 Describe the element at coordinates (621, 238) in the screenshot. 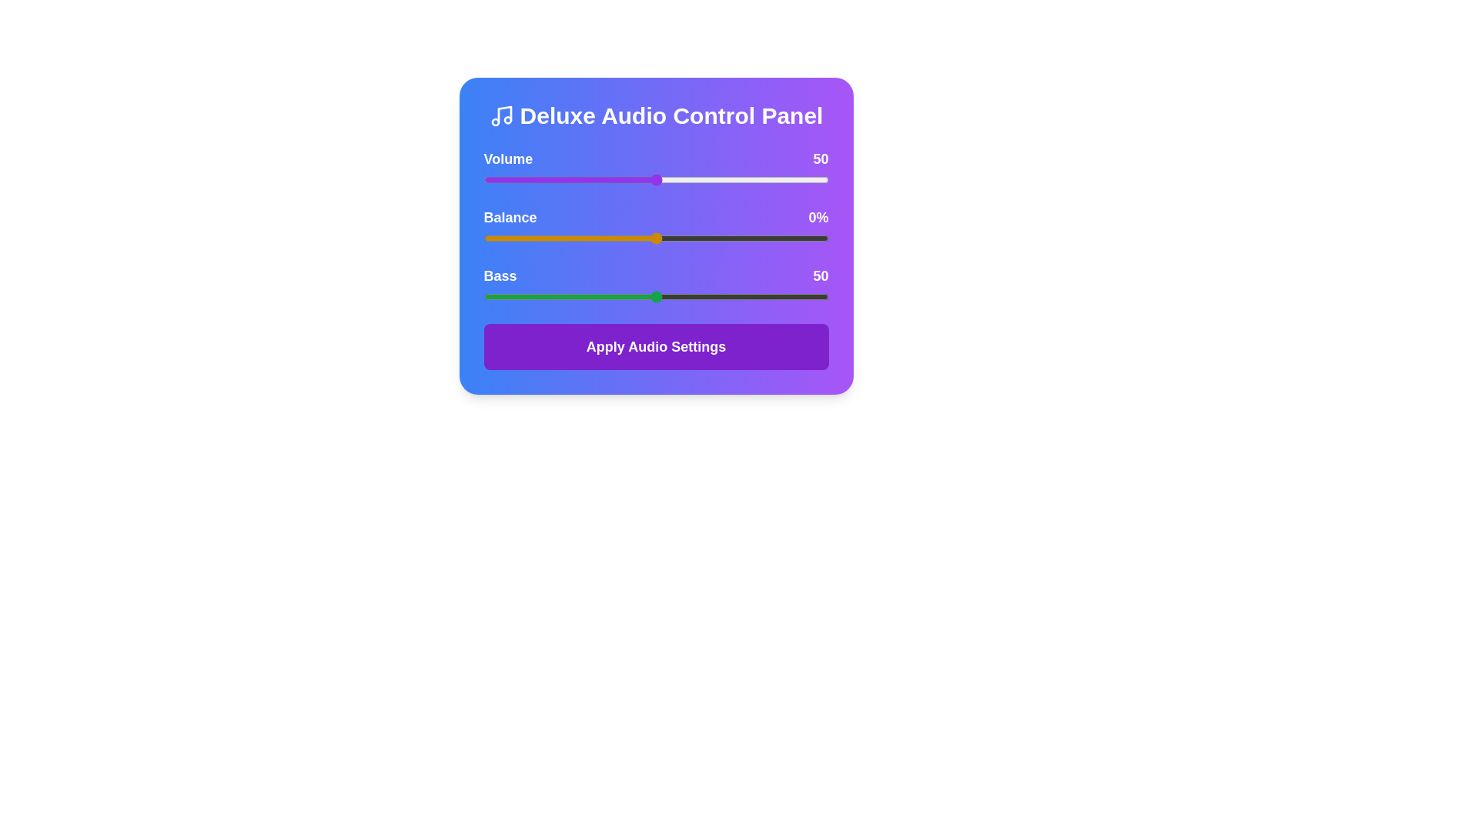

I see `the balance slider` at that location.